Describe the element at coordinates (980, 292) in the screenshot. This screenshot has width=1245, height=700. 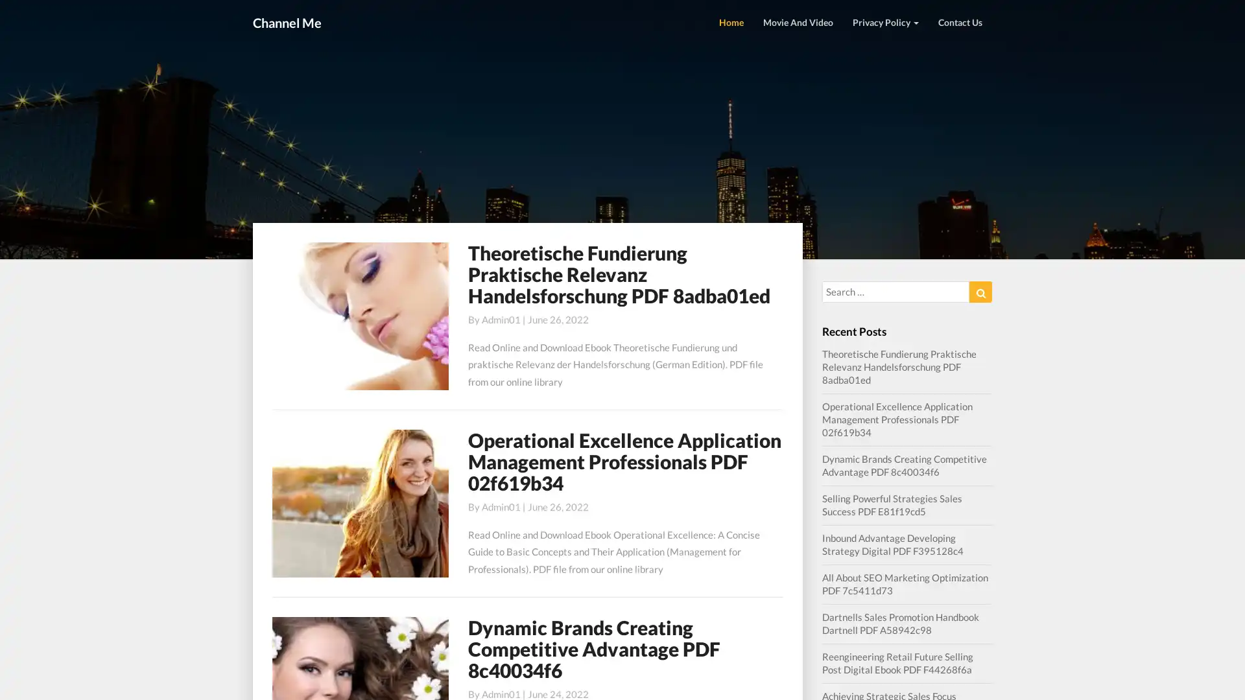
I see `Search` at that location.